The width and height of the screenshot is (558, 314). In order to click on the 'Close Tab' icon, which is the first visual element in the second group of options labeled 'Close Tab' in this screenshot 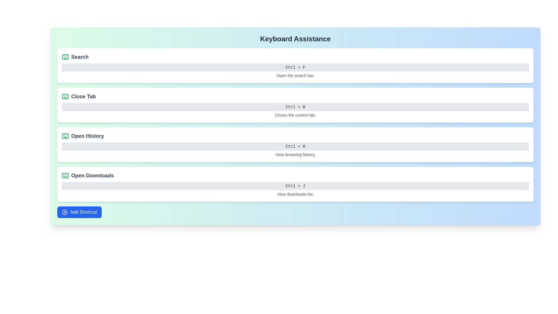, I will do `click(65, 96)`.